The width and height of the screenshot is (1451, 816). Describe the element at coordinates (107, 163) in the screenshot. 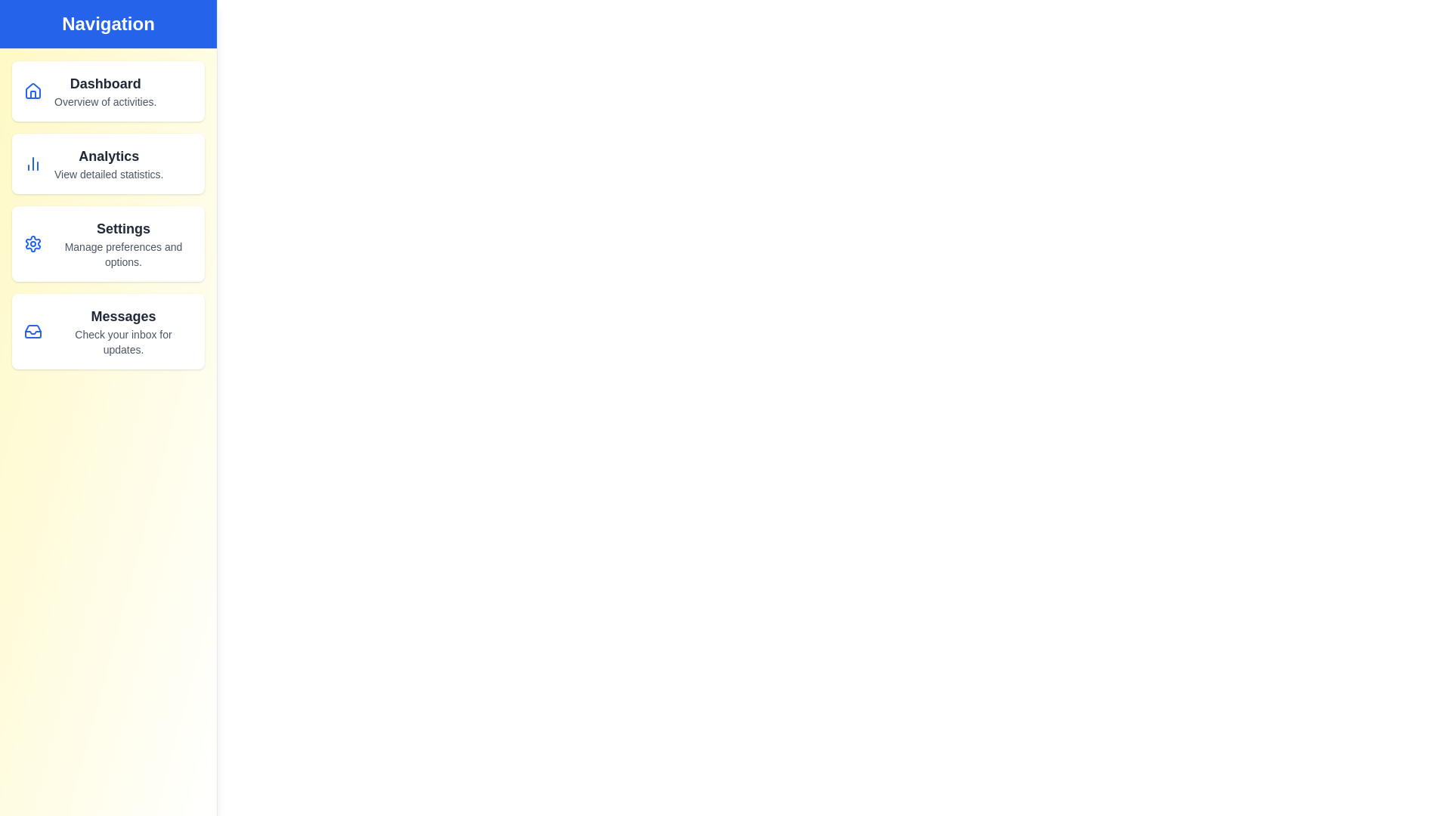

I see `the navigation item Analytics` at that location.